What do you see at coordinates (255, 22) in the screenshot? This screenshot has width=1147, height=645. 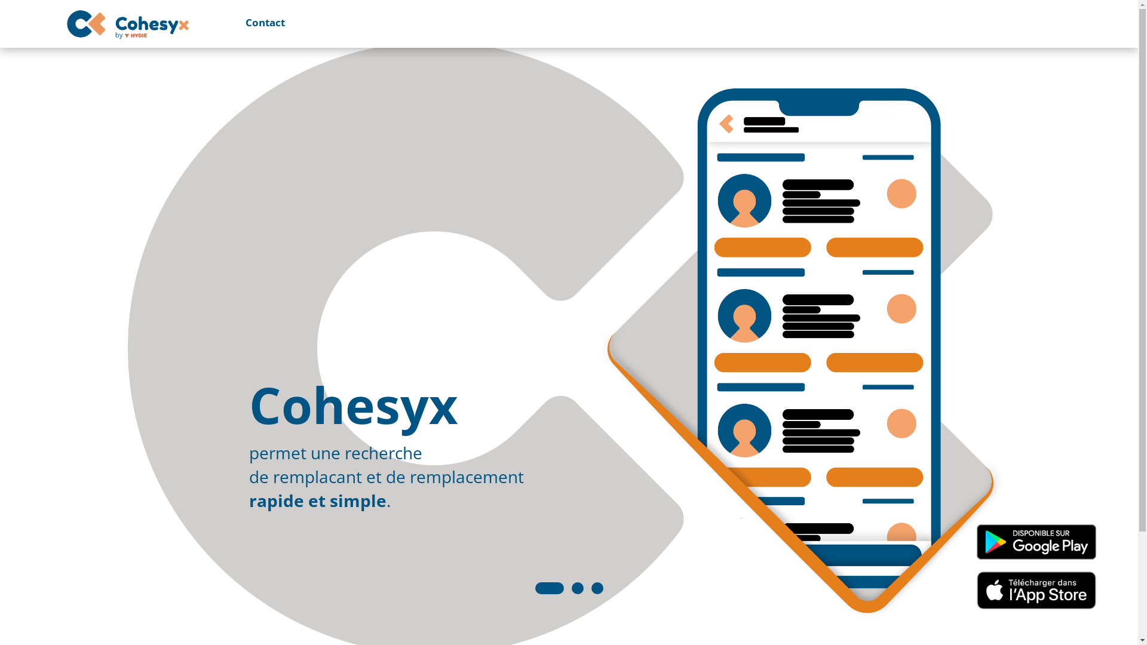 I see `'Contact'` at bounding box center [255, 22].